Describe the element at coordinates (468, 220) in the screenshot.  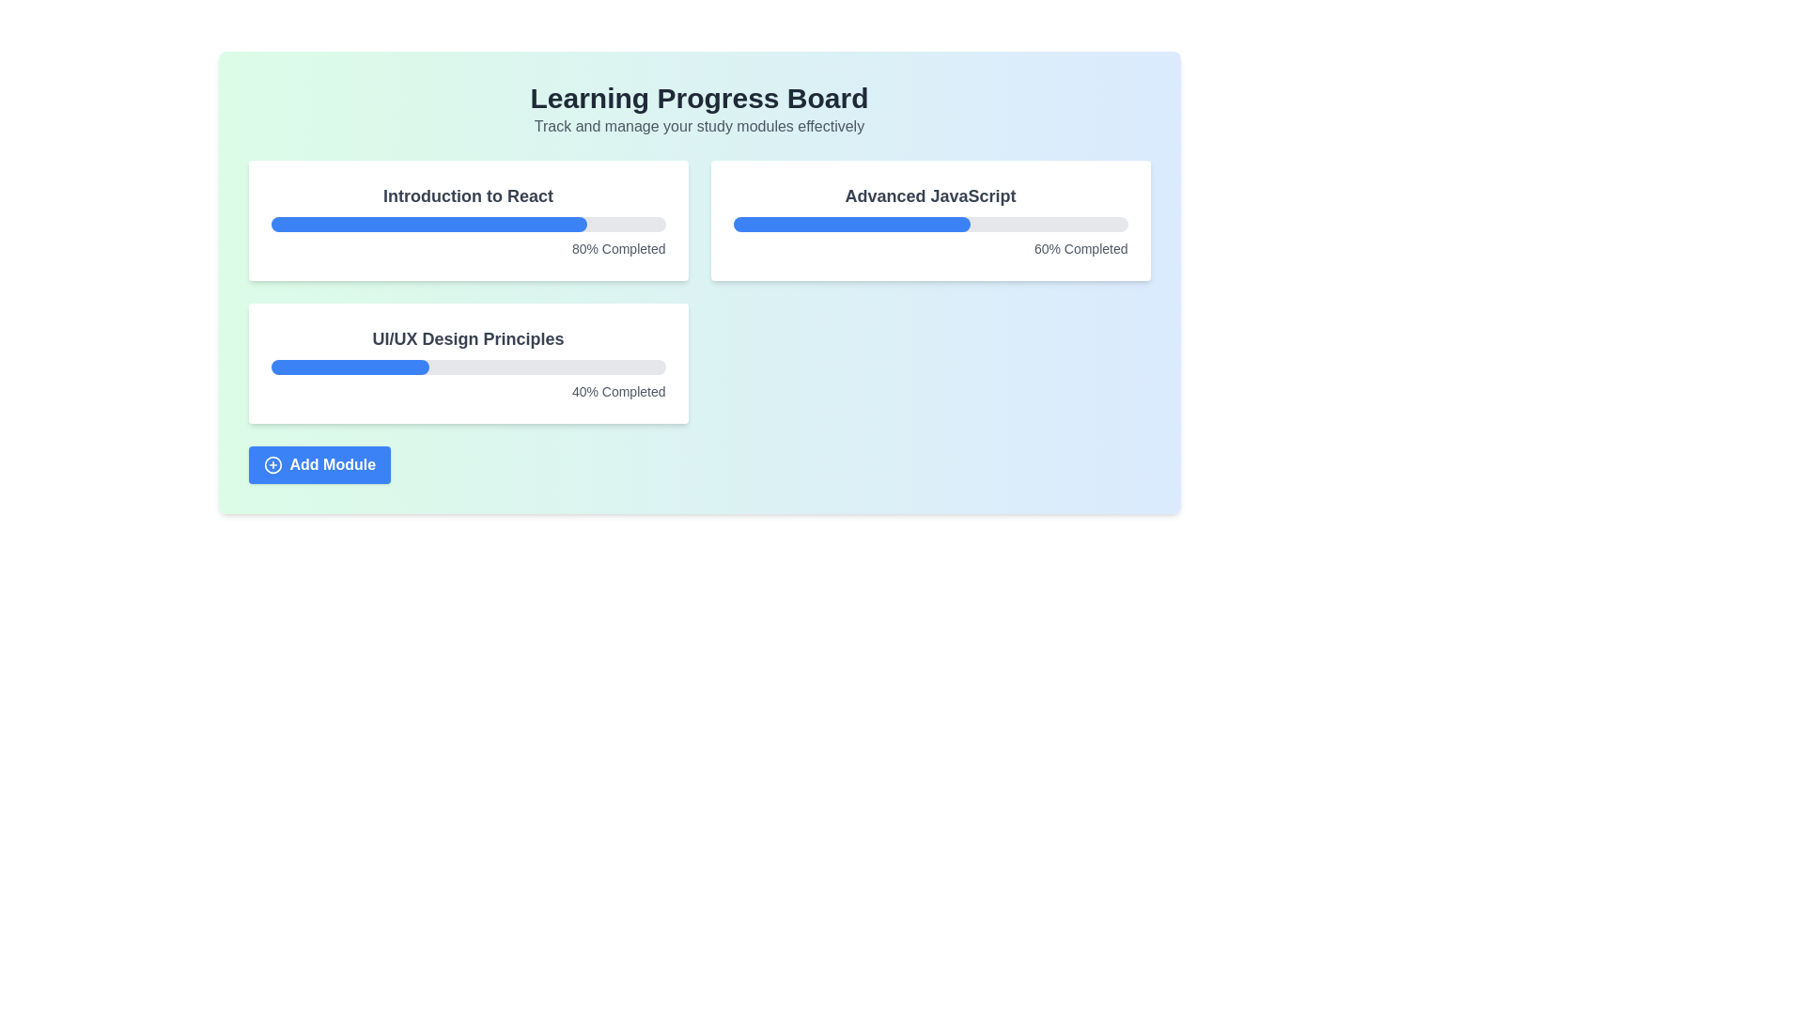
I see `the Progress card displaying the progress of the learning module 'Introduction to React', located at the top left of the grid containing similar progress cards` at that location.